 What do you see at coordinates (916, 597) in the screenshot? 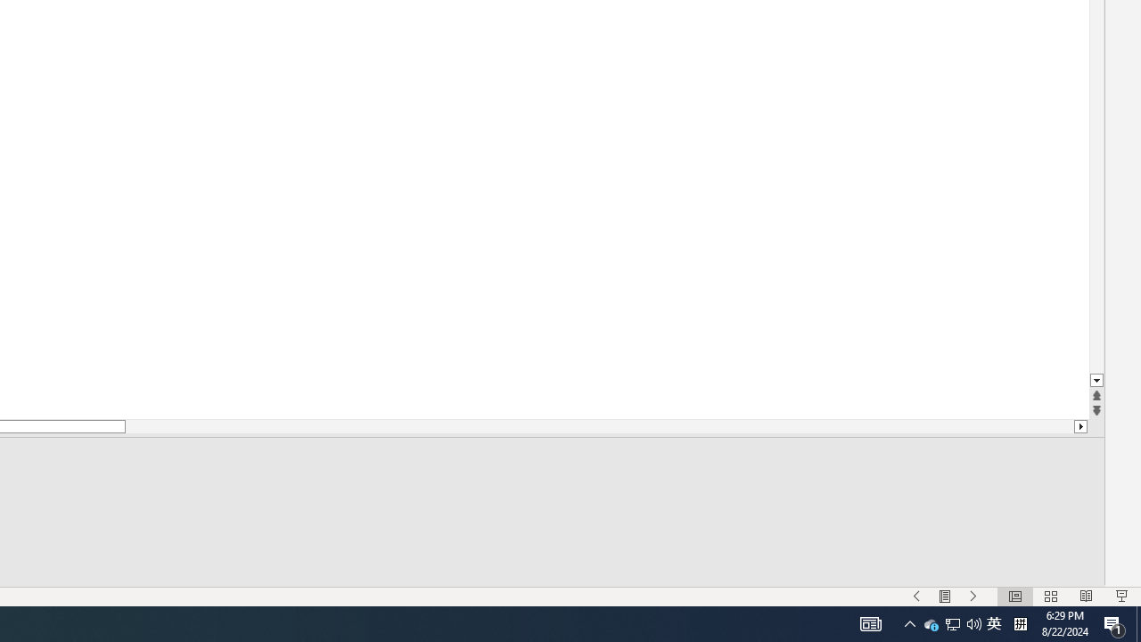
I see `'Slide Show Previous On'` at bounding box center [916, 597].